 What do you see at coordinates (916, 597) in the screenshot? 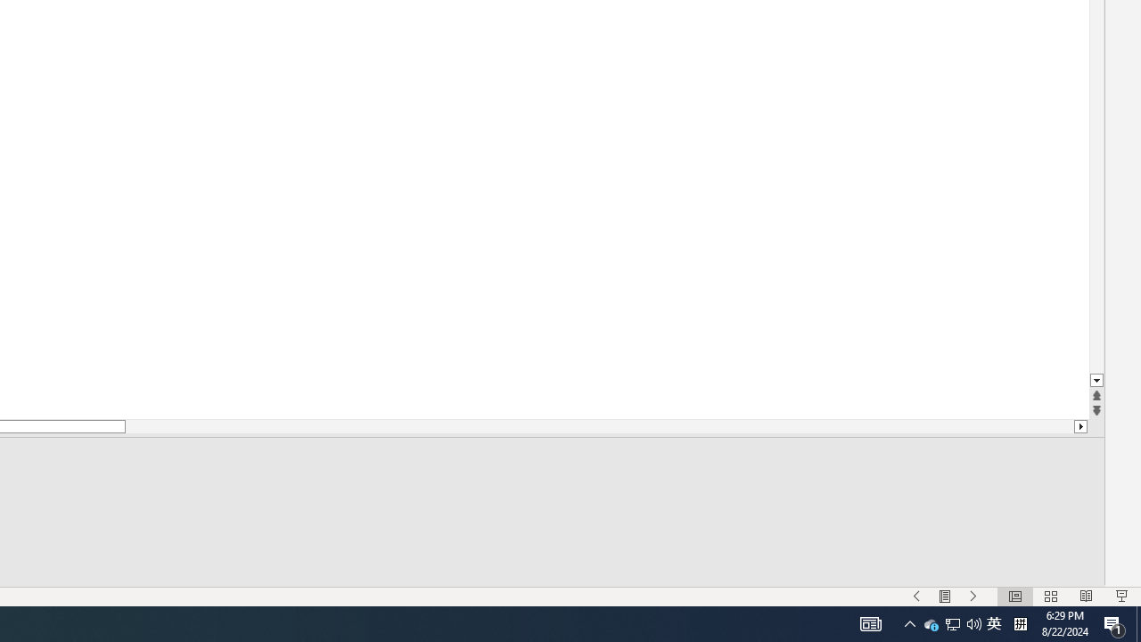
I see `'Slide Show Previous On'` at bounding box center [916, 597].